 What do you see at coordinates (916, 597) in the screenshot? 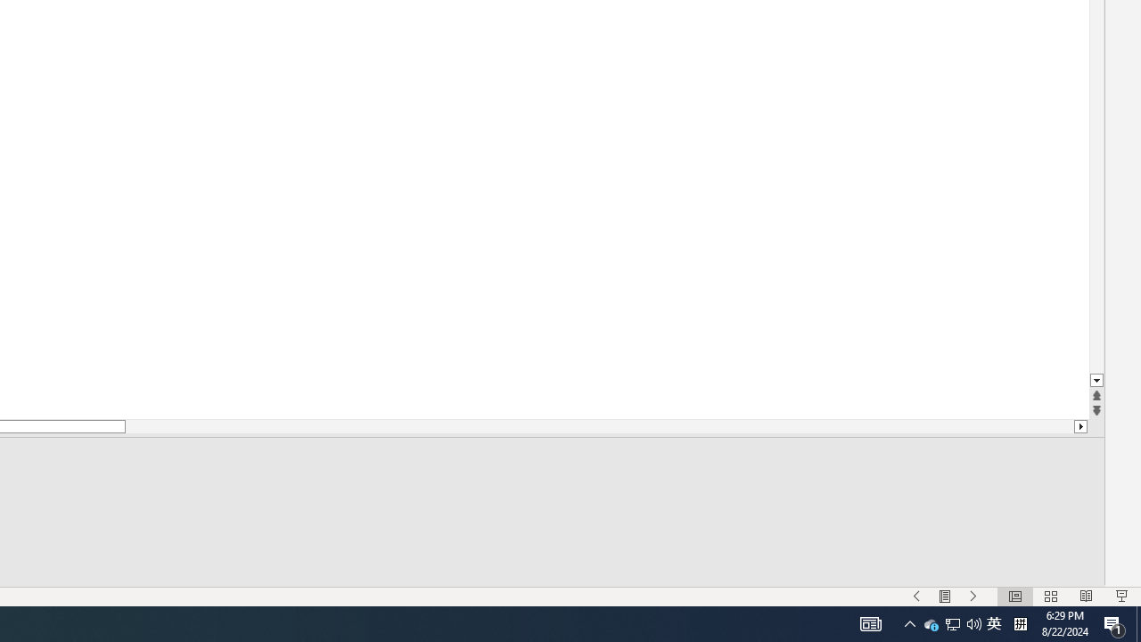
I see `'Slide Show Previous On'` at bounding box center [916, 597].